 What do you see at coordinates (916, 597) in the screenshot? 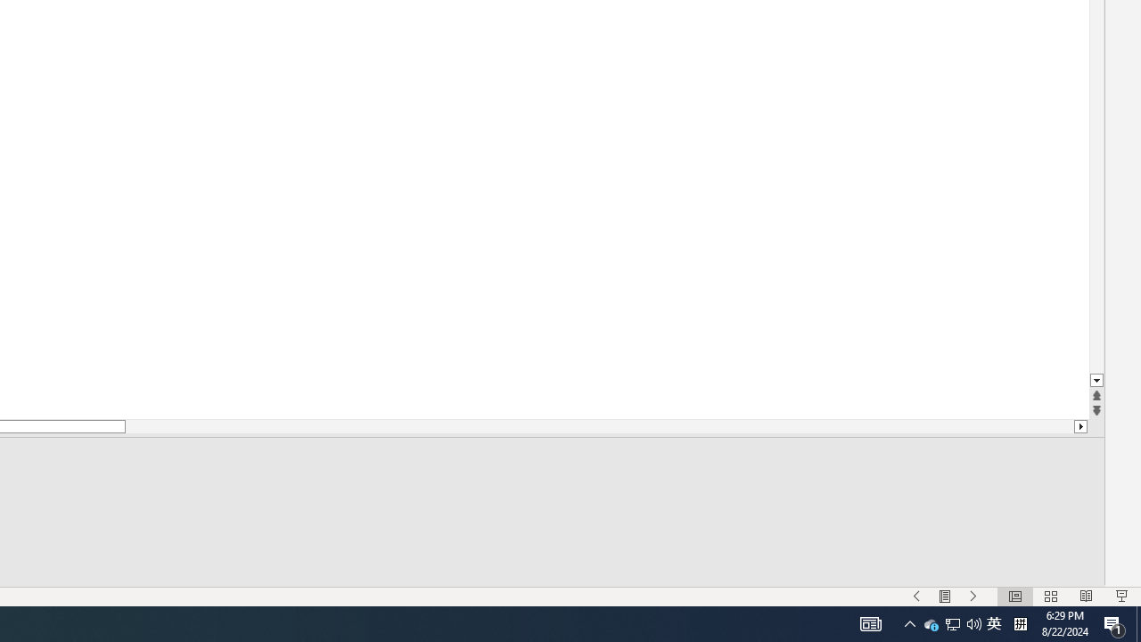
I see `'Slide Show Previous On'` at bounding box center [916, 597].